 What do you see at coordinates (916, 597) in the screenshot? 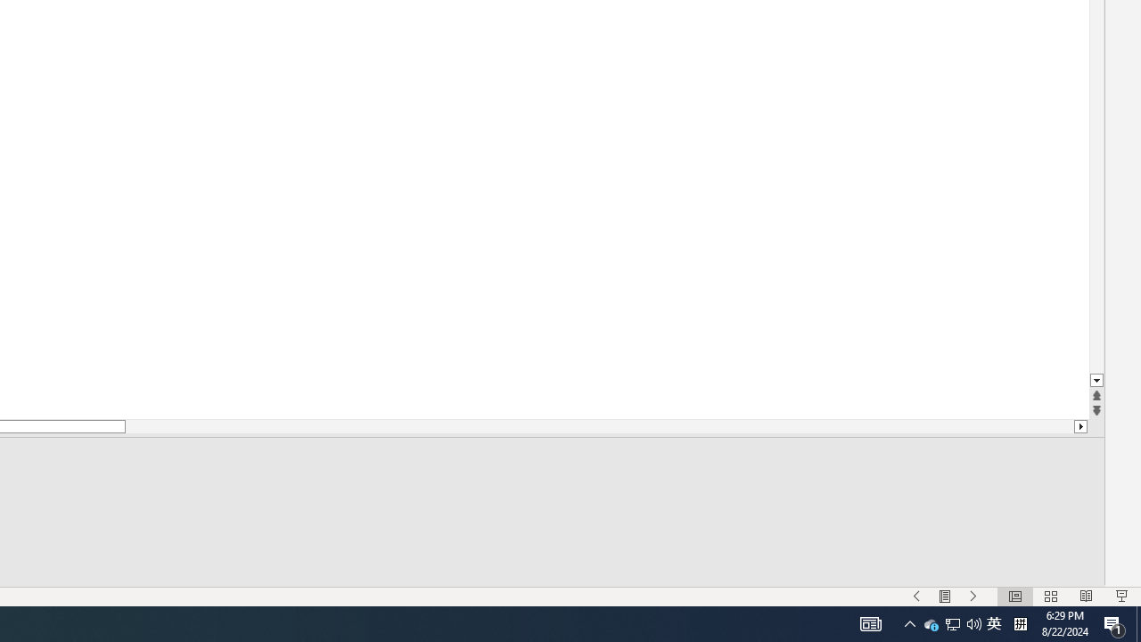
I see `'Slide Show Previous On'` at bounding box center [916, 597].